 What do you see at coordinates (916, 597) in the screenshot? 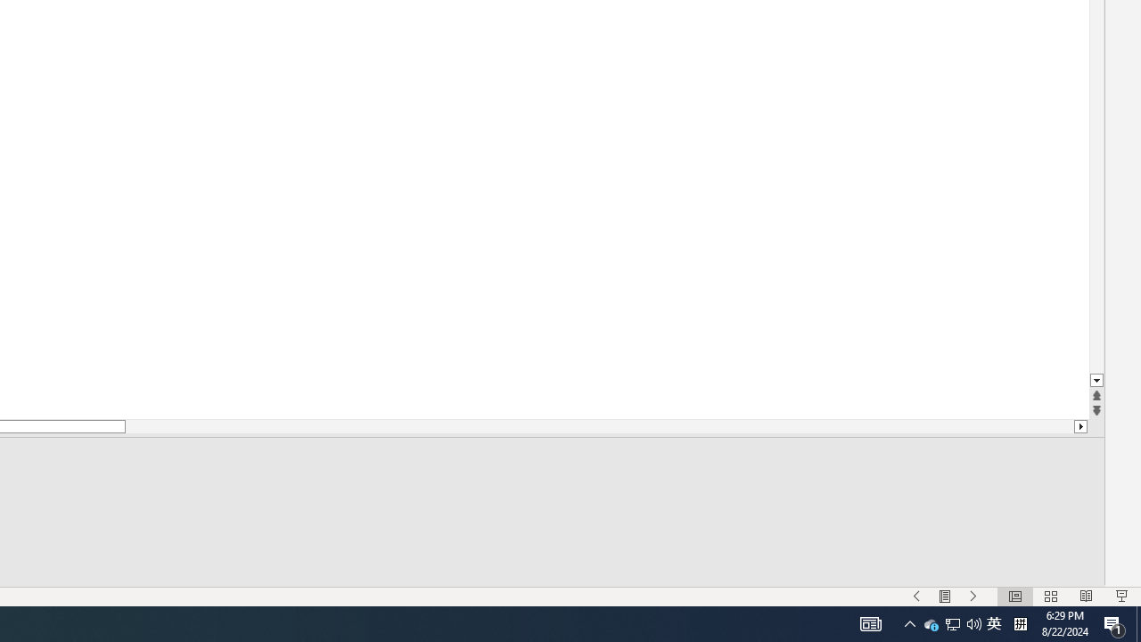
I see `'Slide Show Previous On'` at bounding box center [916, 597].